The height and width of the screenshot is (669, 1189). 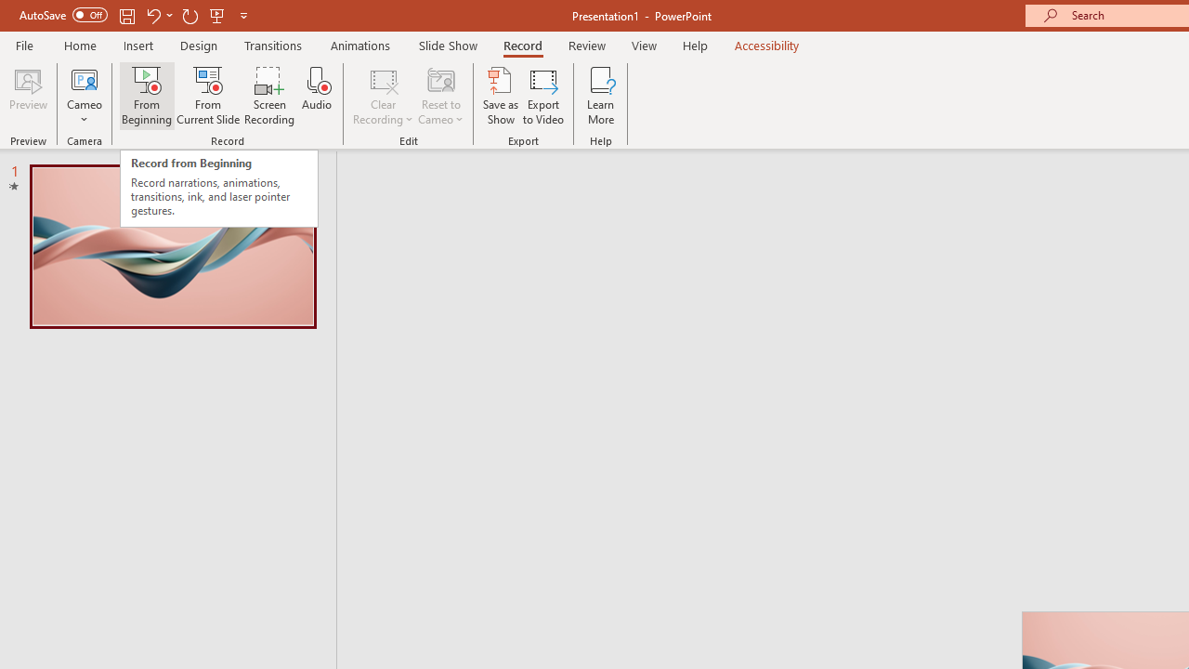 What do you see at coordinates (439, 96) in the screenshot?
I see `'Reset to Cameo'` at bounding box center [439, 96].